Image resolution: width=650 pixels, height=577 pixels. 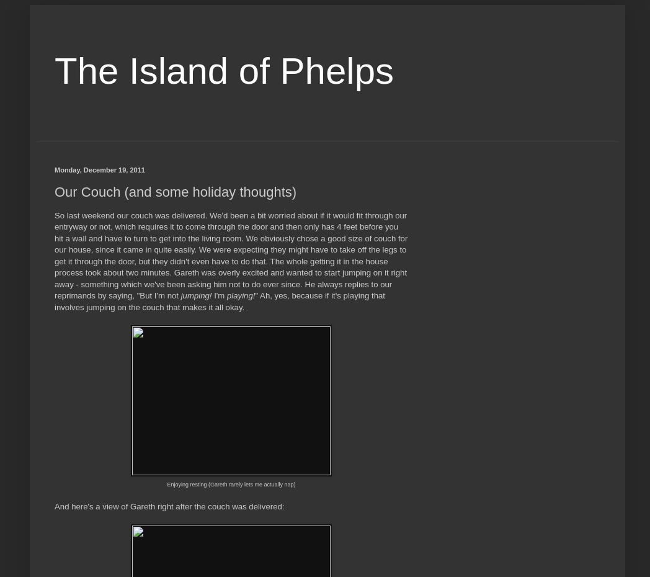 I want to click on 'So last weekend our couch was delivered. We'd been a bit worried about if it would fit through our entryway or not, which requires it to come through the door and then only has 4 feet before you hit a wall and have to turn to get into the living room. We obviously chose a good size of couch for our house, since it came in quite easily. We were expecting they might have to take off the legs to get it through the door, but they didn't even have to do that. The whole getting it in the house process took about two minutes. Gareth was overly excited and wanted to start jumping on it right away - something which we've been asking him not to do ever since. He always replies to our reprimands by saying, "But I'm not', so click(x=54, y=255).